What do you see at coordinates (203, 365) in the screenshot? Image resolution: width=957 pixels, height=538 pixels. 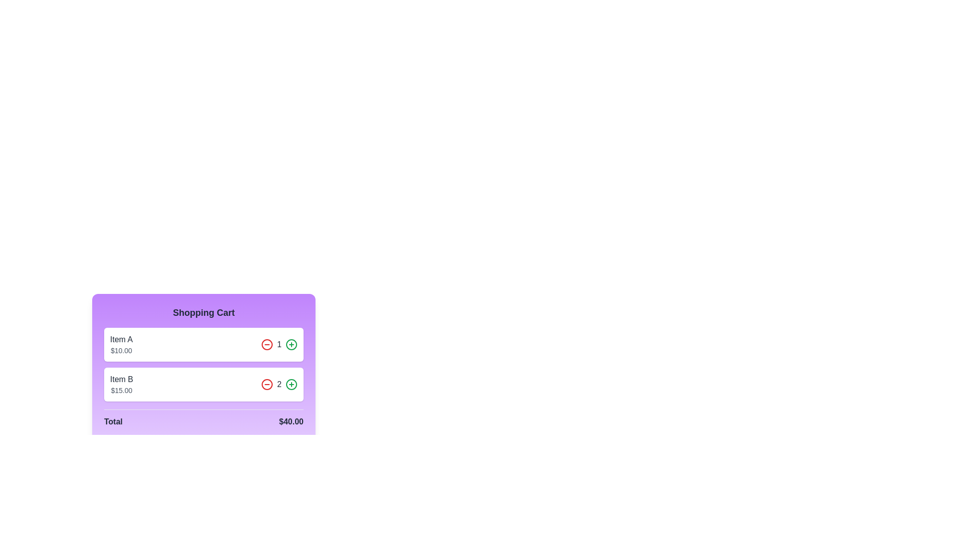 I see `the quantity controls of the shopping cart items, which include decrement and increment buttons for adjusting item quantities` at bounding box center [203, 365].